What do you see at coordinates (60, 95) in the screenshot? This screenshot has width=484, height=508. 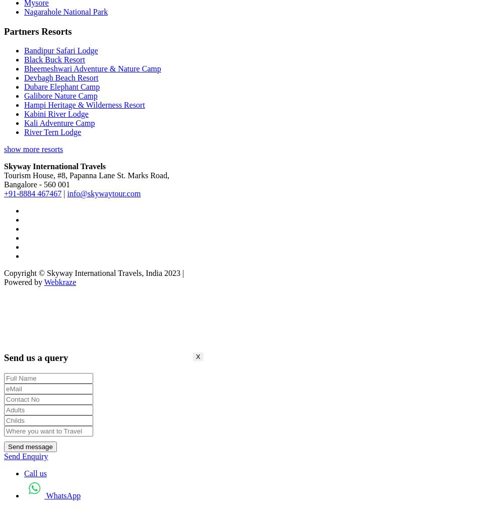 I see `'Galibore Nature Camp'` at bounding box center [60, 95].